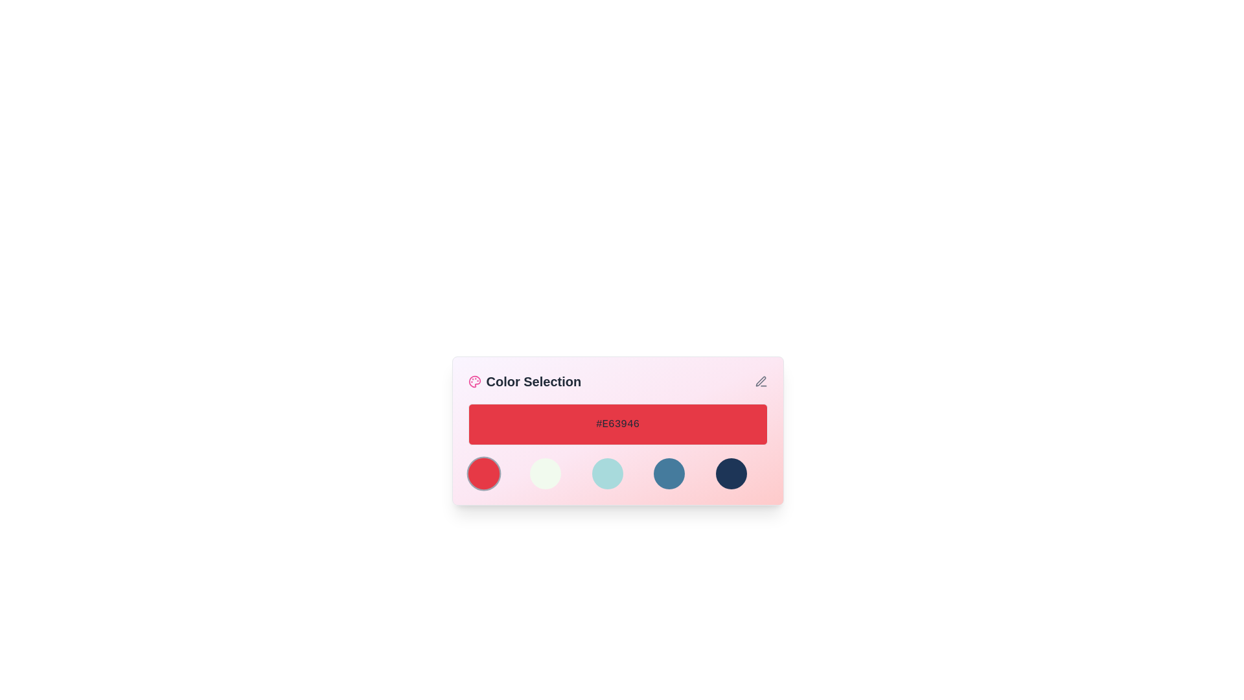 The height and width of the screenshot is (700, 1244). Describe the element at coordinates (669, 474) in the screenshot. I see `the fourth circular color selection button` at that location.